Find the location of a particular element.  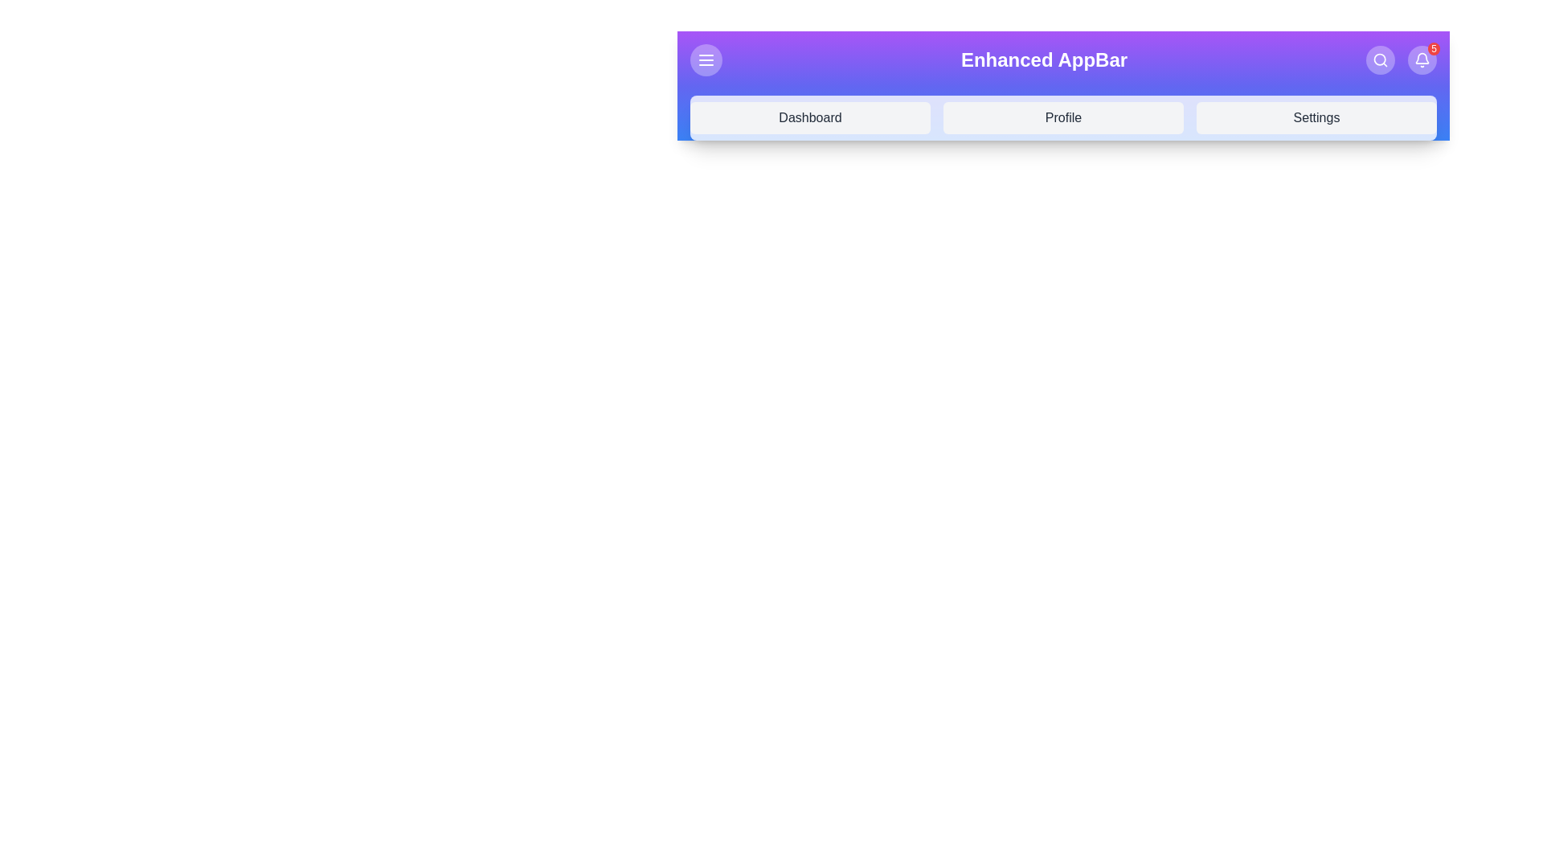

the navigation item Dashboard to navigate to its respective section is located at coordinates (810, 117).